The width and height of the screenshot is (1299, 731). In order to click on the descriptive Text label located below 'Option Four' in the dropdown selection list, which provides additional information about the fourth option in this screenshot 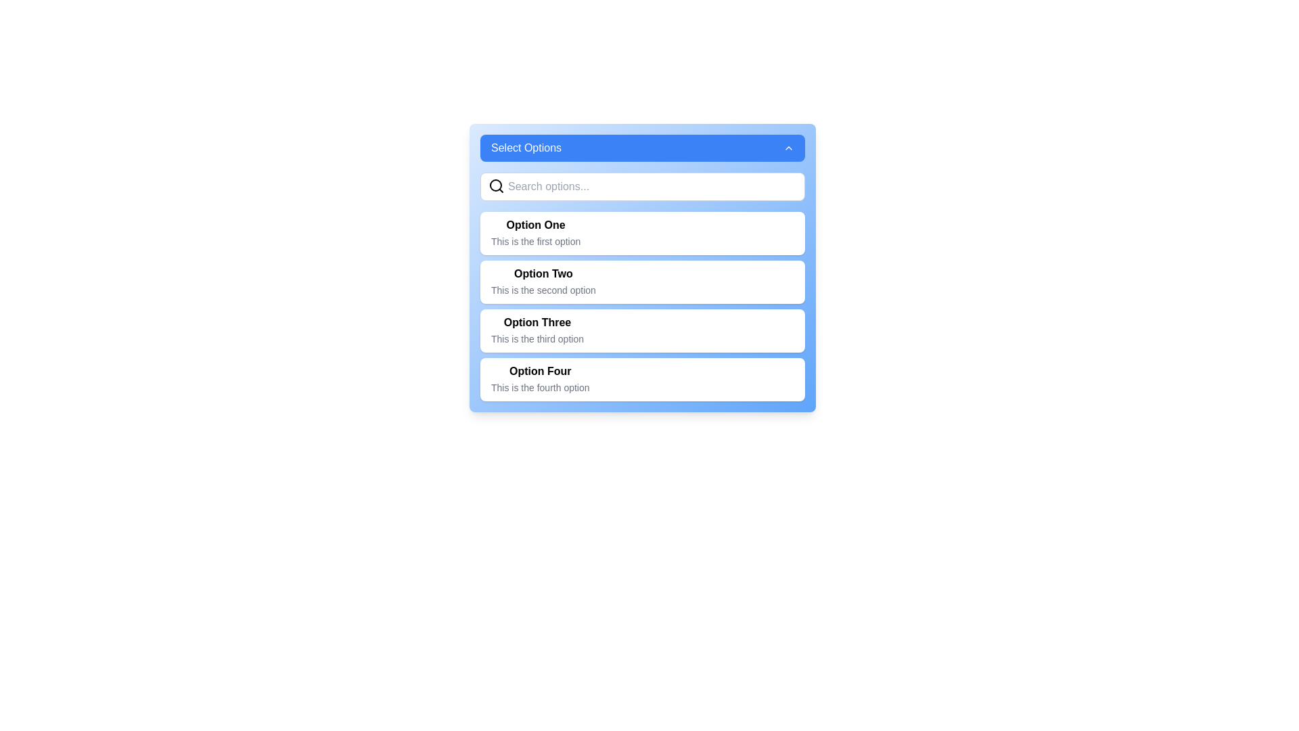, I will do `click(539, 388)`.